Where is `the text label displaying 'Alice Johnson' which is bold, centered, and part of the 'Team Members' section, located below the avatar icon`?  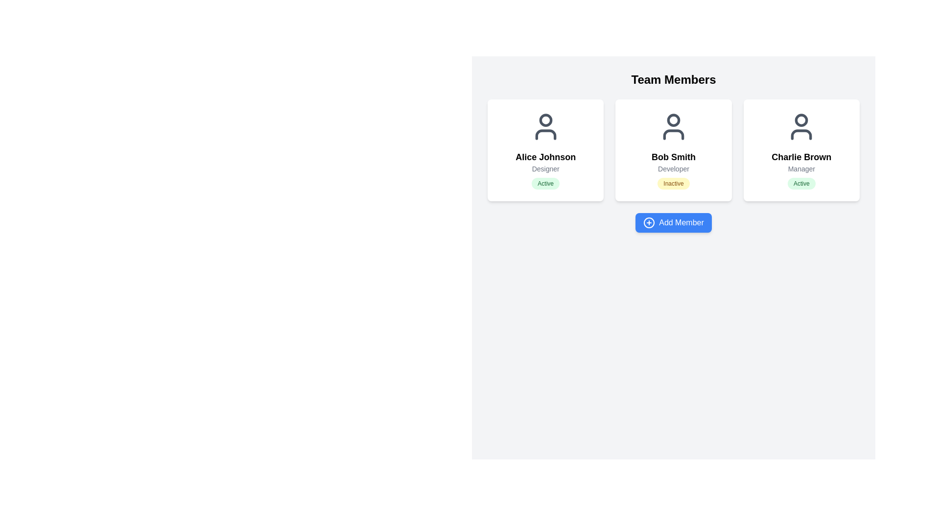 the text label displaying 'Alice Johnson' which is bold, centered, and part of the 'Team Members' section, located below the avatar icon is located at coordinates (545, 156).